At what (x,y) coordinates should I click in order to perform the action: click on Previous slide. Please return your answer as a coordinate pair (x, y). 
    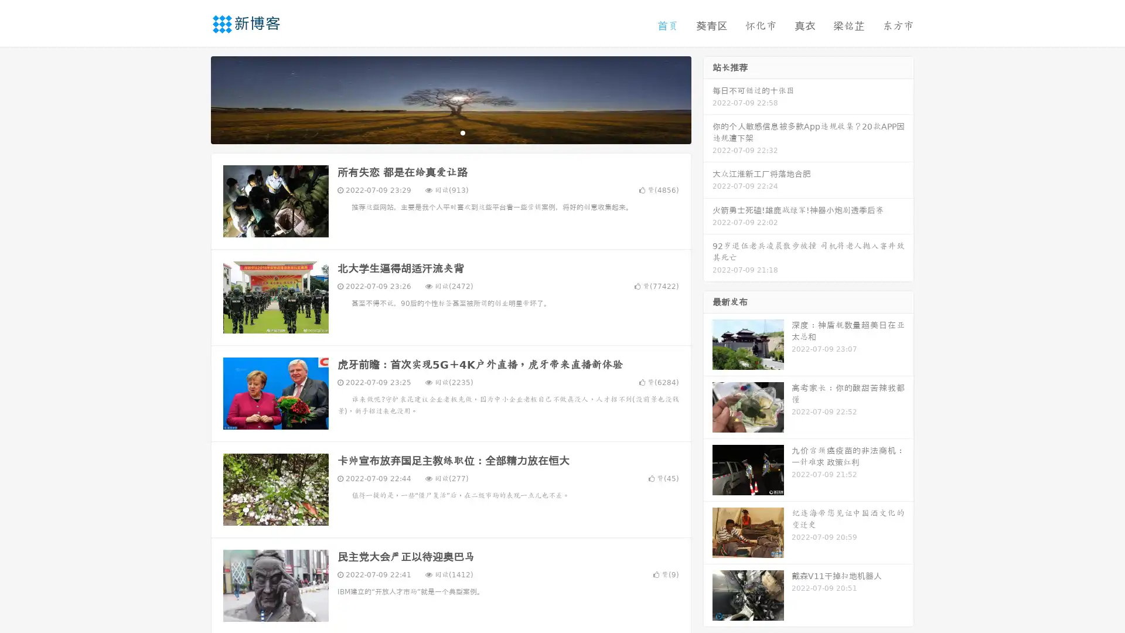
    Looking at the image, I should click on (193, 98).